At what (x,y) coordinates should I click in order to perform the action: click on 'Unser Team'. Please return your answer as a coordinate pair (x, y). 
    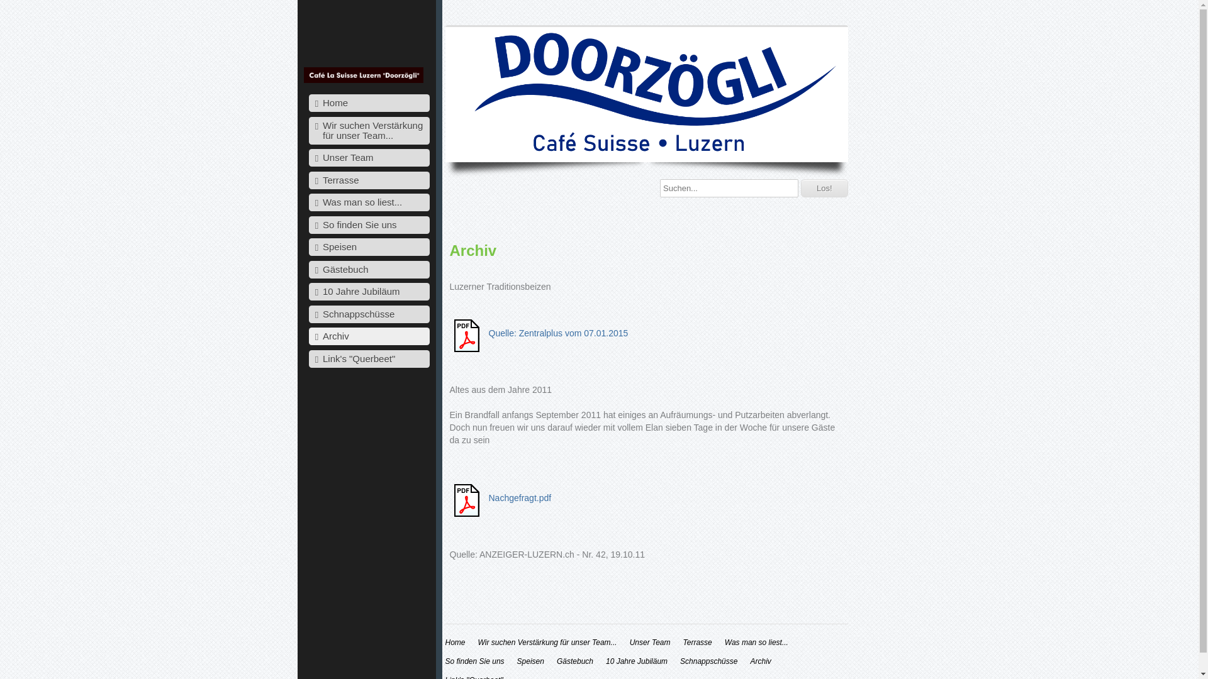
    Looking at the image, I should click on (368, 157).